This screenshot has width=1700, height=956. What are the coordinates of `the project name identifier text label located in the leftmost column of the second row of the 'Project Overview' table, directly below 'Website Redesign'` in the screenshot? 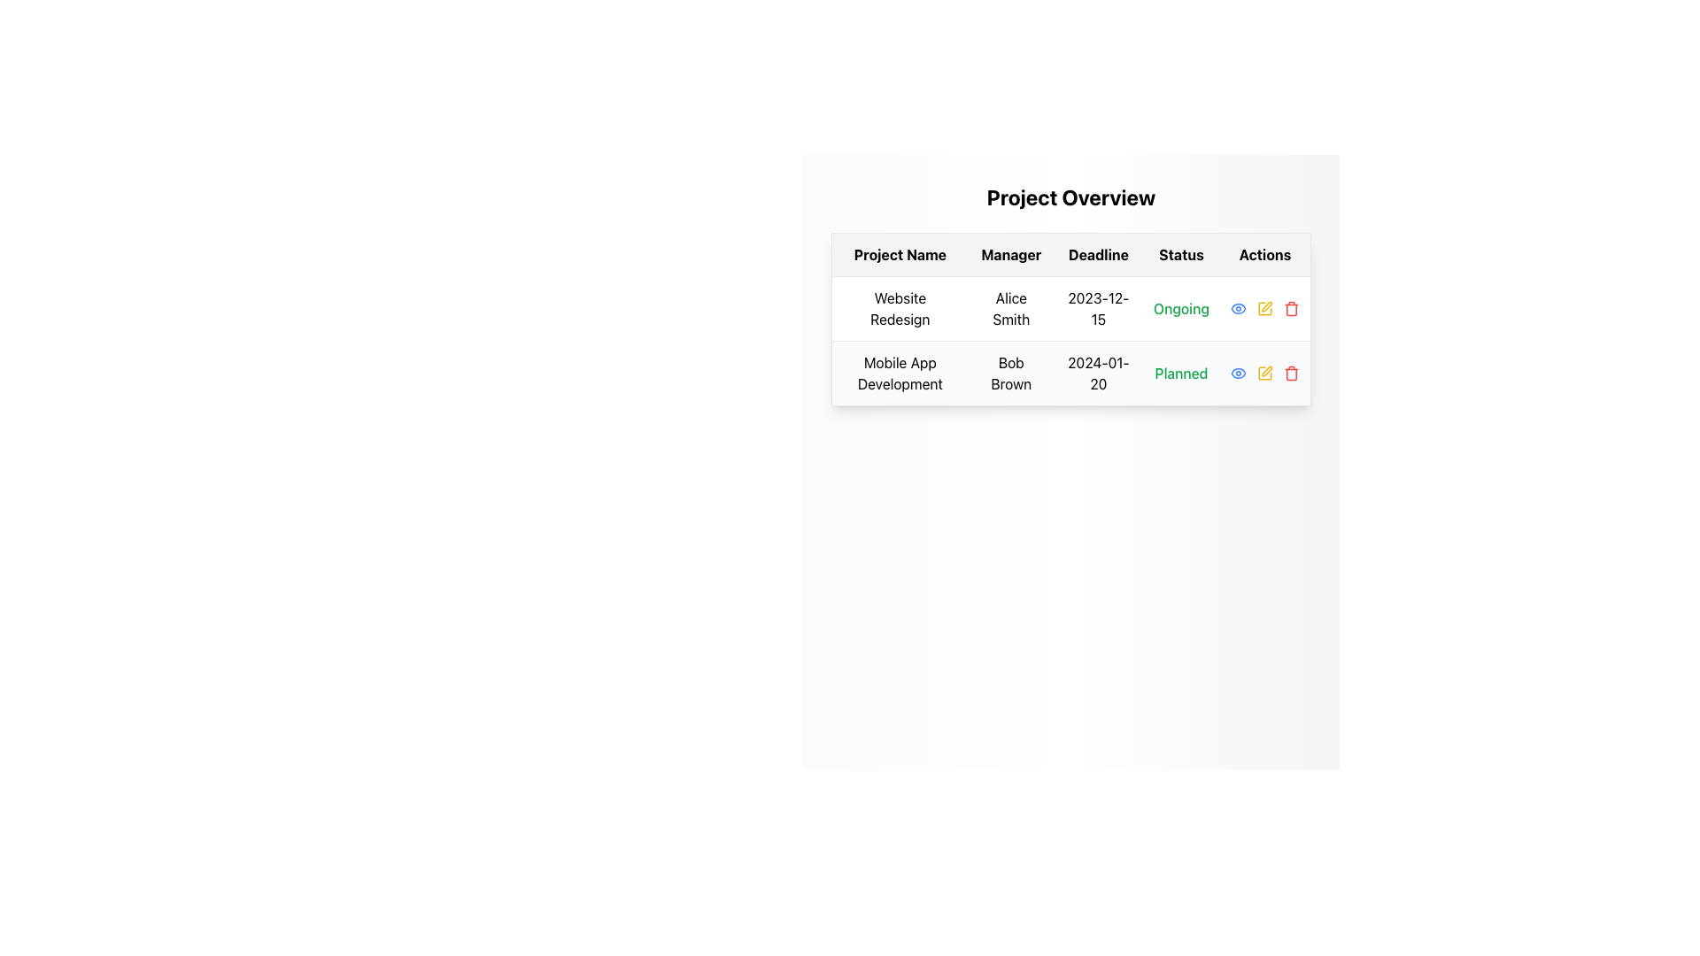 It's located at (900, 372).